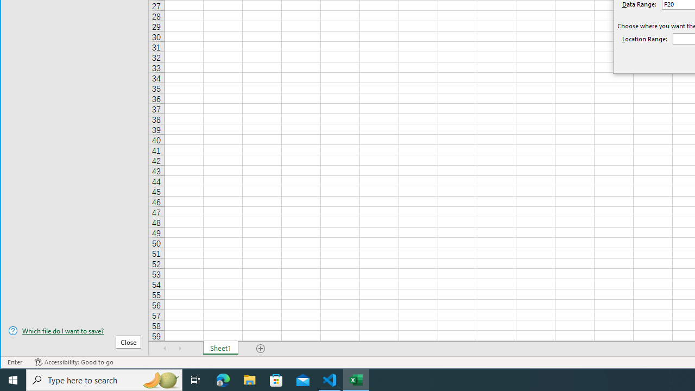 This screenshot has height=391, width=695. I want to click on 'Sheet1', so click(220, 348).